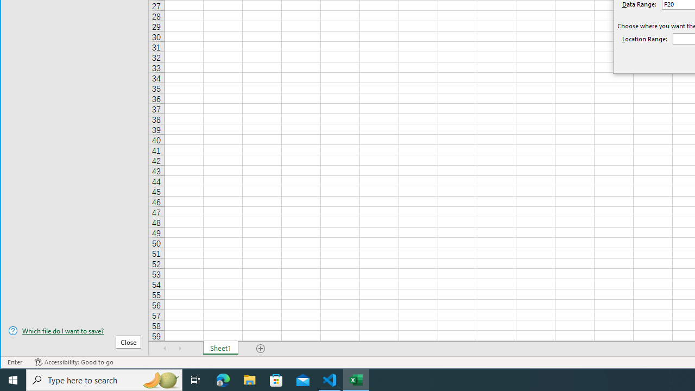 This screenshot has height=391, width=695. I want to click on 'Sheet1', so click(220, 348).